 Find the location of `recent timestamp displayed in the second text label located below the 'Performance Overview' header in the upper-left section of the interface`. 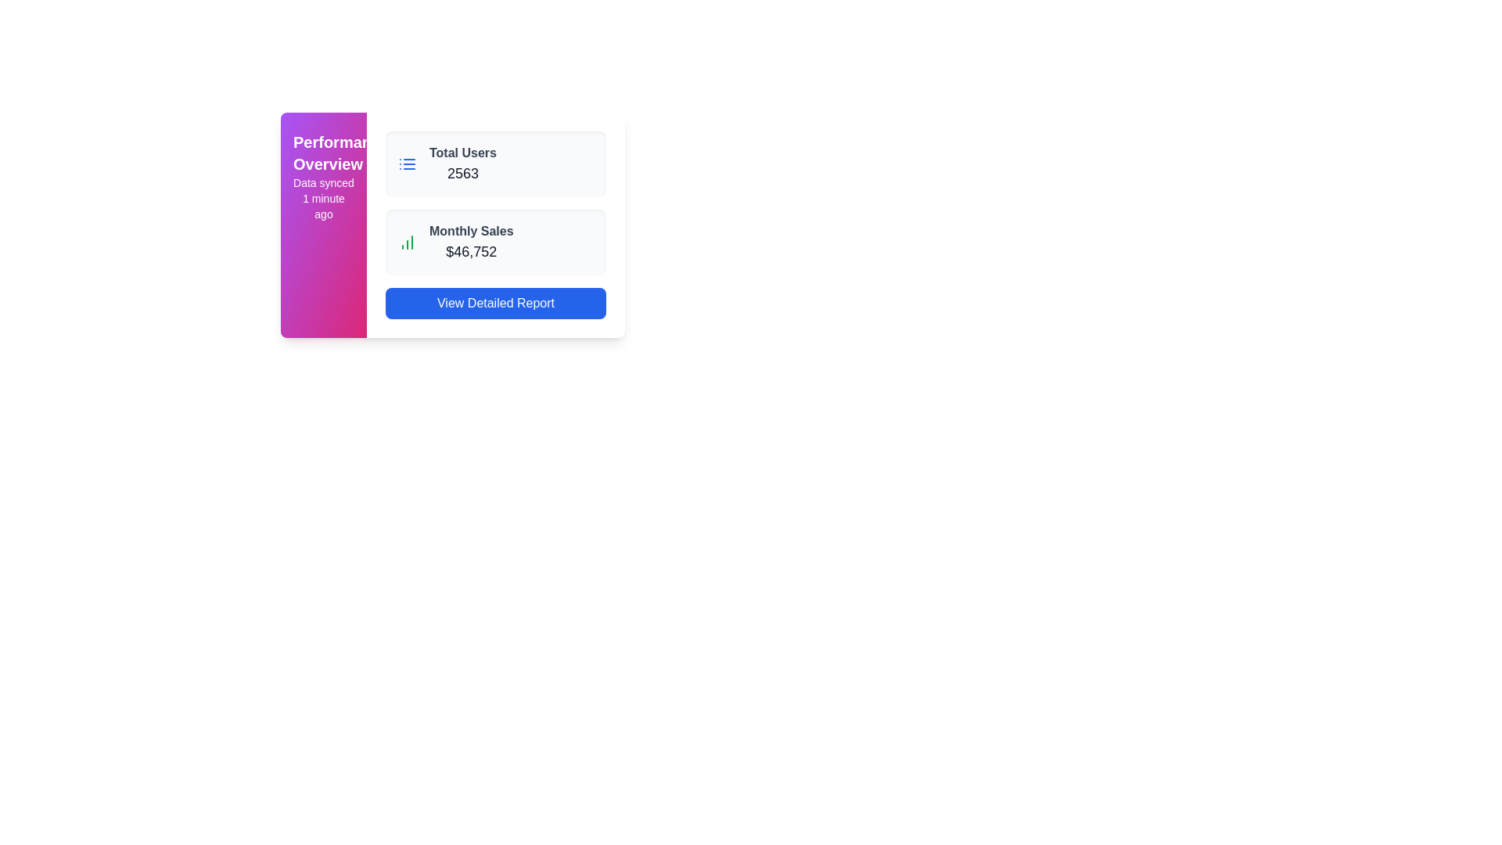

recent timestamp displayed in the second text label located below the 'Performance Overview' header in the upper-left section of the interface is located at coordinates (322, 198).